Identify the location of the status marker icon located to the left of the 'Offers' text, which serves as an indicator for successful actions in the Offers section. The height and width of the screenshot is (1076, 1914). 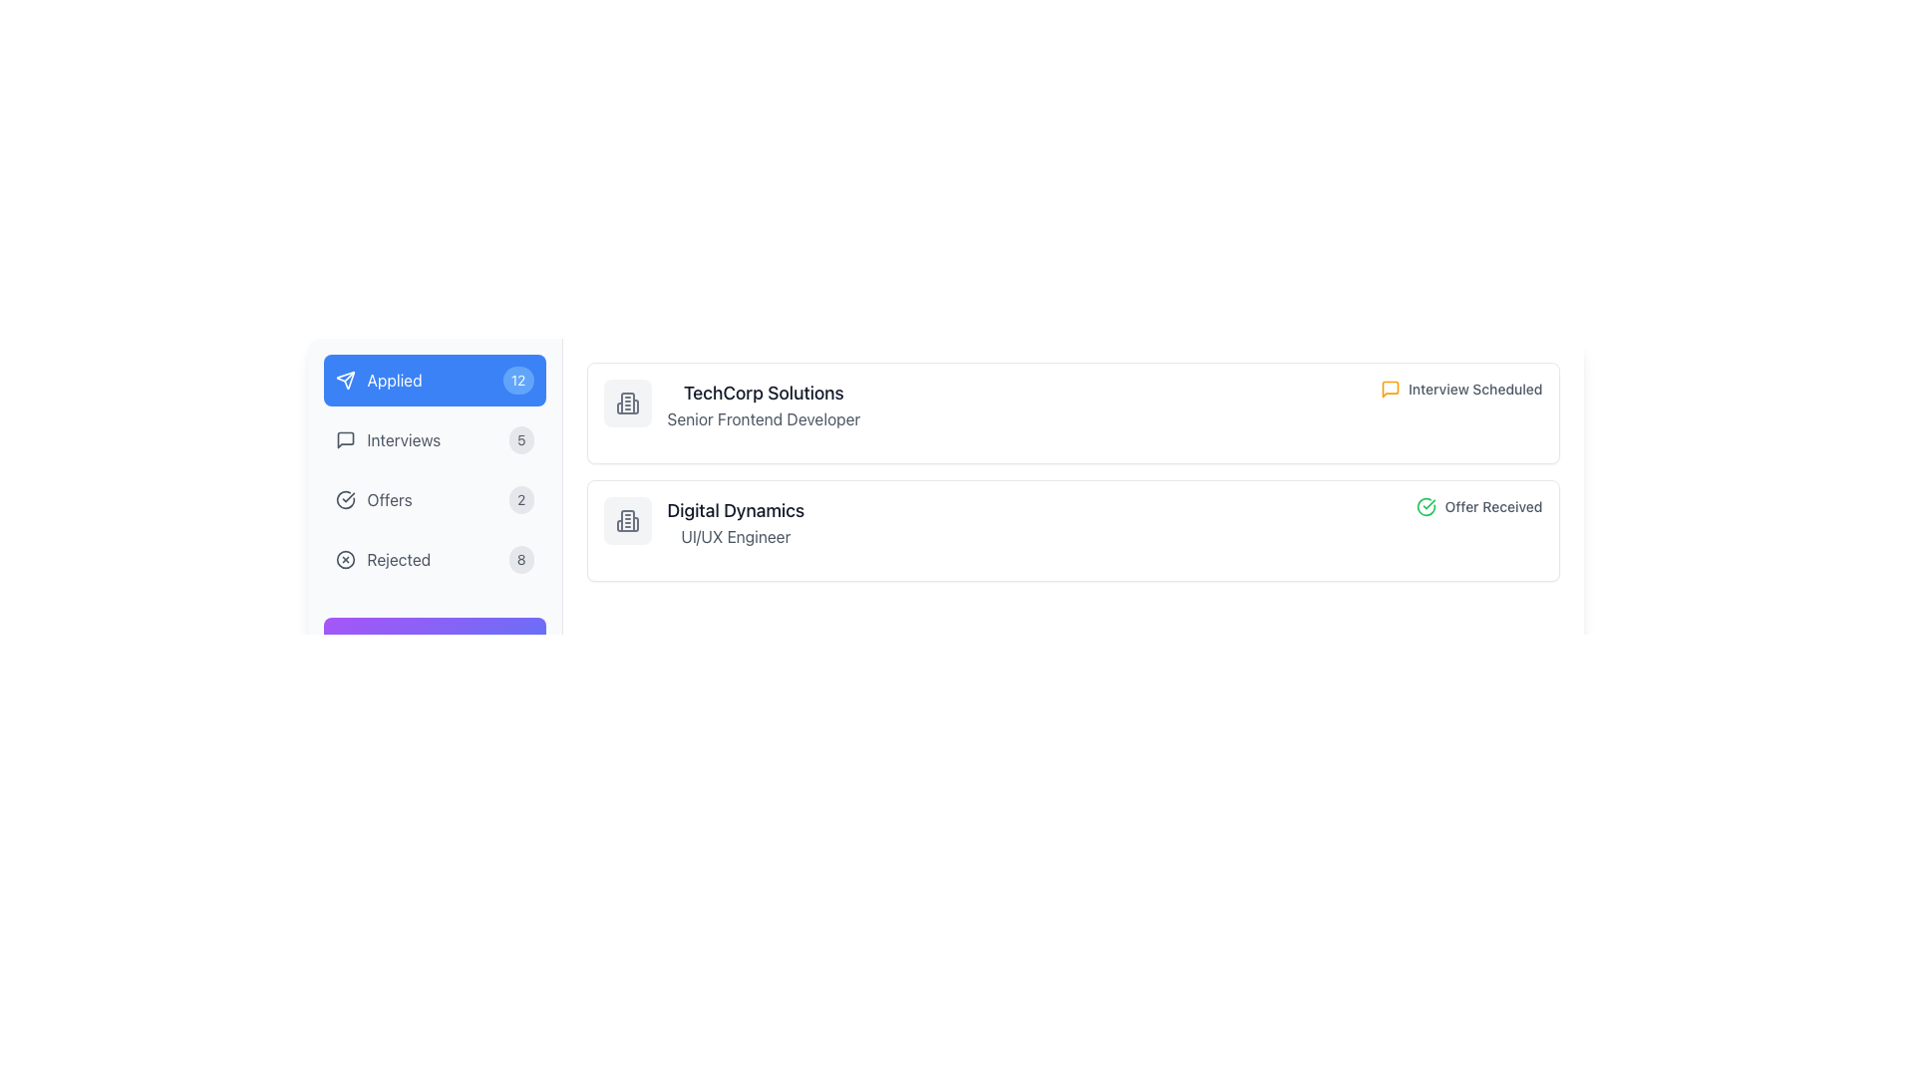
(345, 498).